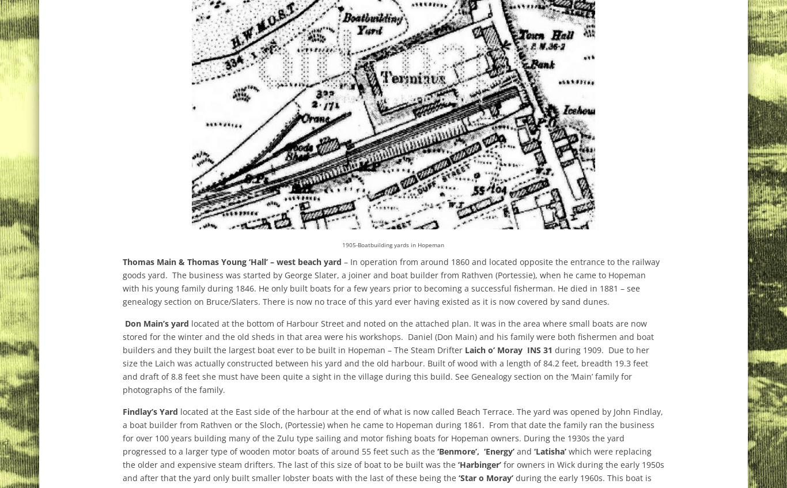  What do you see at coordinates (122, 369) in the screenshot?
I see `'during 1909.  Due to her size the Laich was actually constructed between his yard and the old harbour. Built of wood with a length of 84.2 feet, breadth 19.3 feet and draft of 8.8 feet she must have been quite a sight in the village during this build. See Genealogy section on the ‘Main’ family for photographs of the family.'` at bounding box center [122, 369].